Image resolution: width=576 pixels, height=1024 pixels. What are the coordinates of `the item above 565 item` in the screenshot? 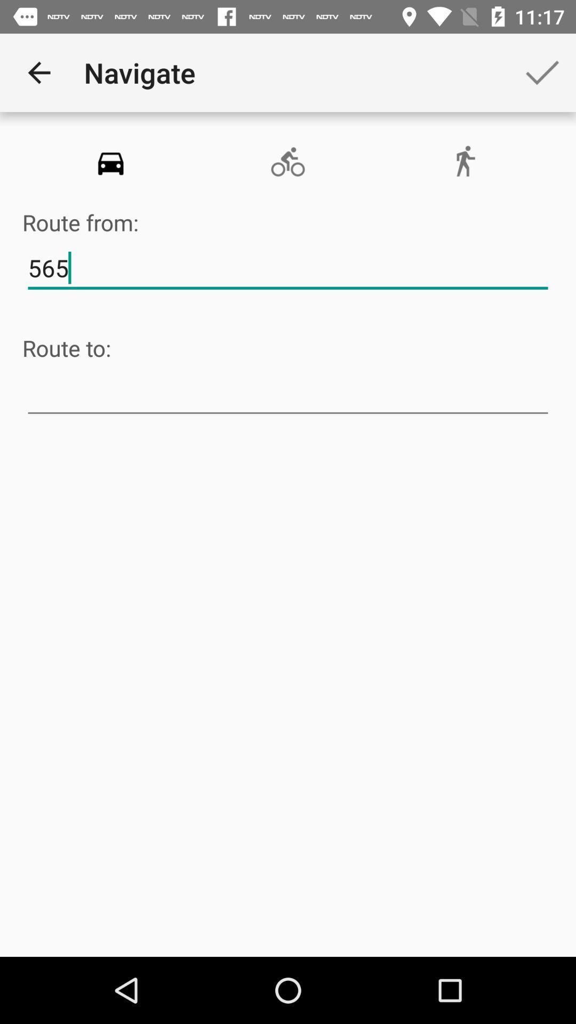 It's located at (464, 162).